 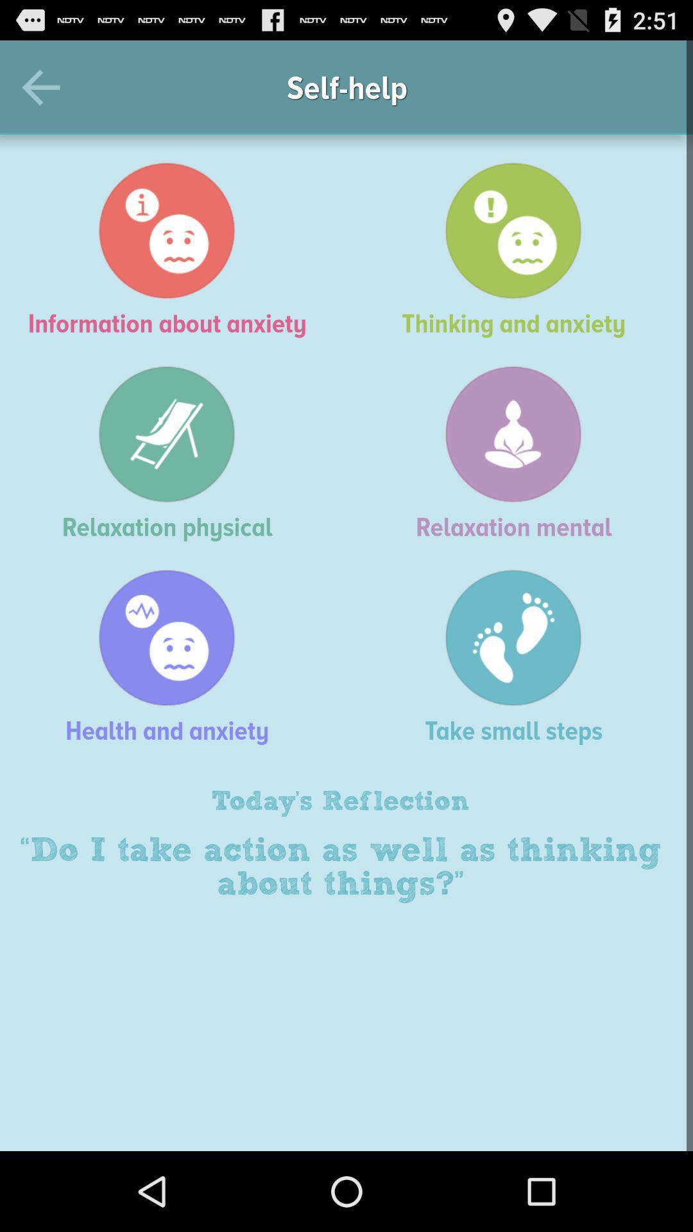 What do you see at coordinates (520, 453) in the screenshot?
I see `item below information about anxiety item` at bounding box center [520, 453].